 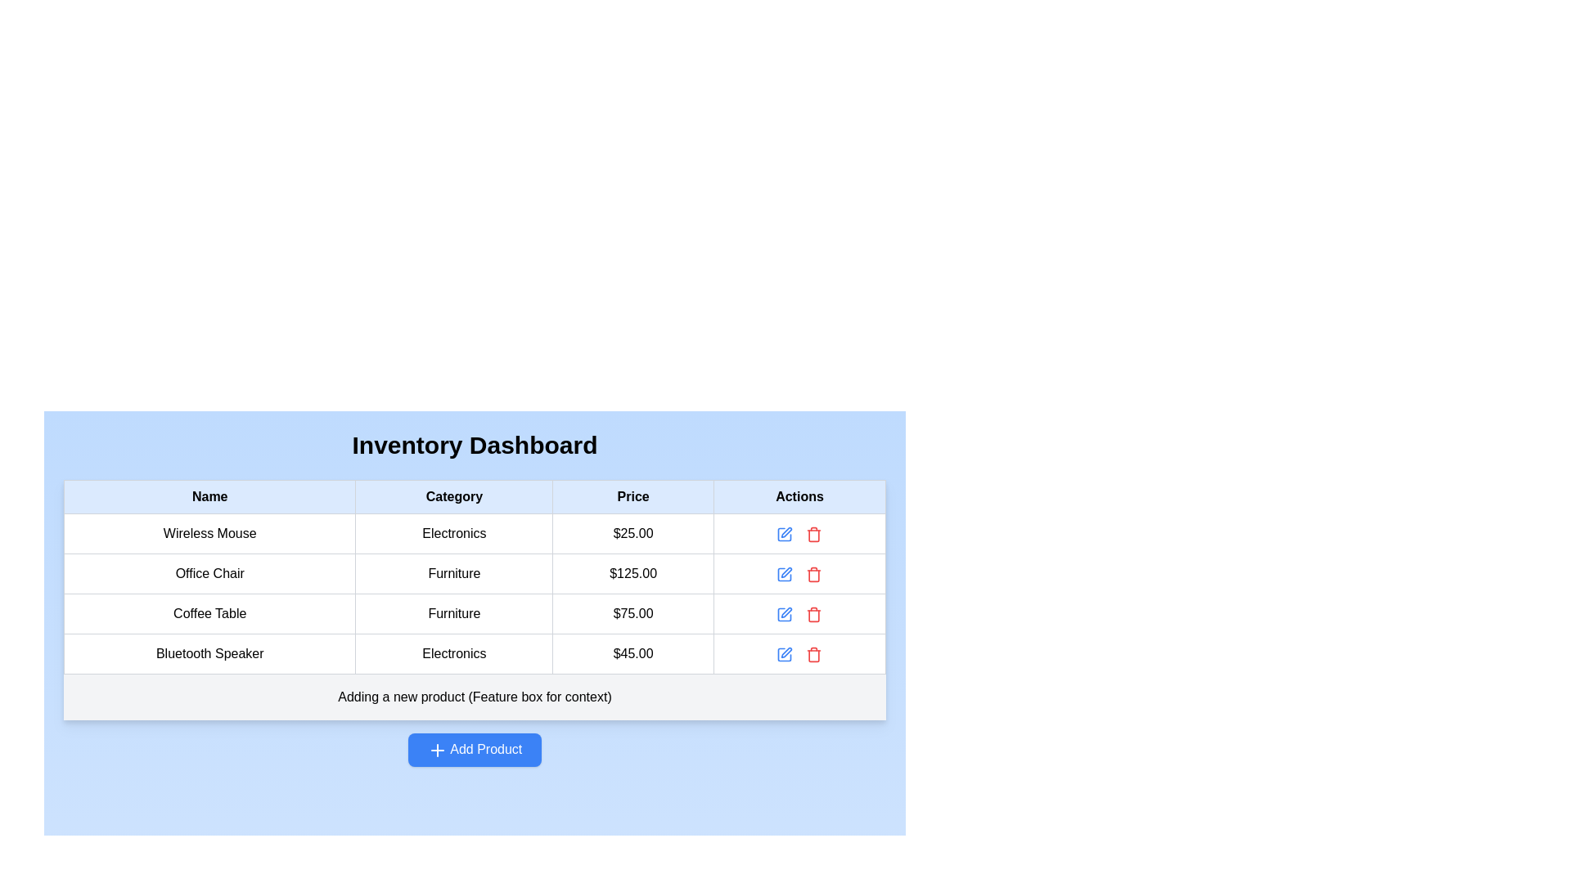 What do you see at coordinates (814, 652) in the screenshot?
I see `the delete button located in the 'Actions' column of the last row of the product data table` at bounding box center [814, 652].